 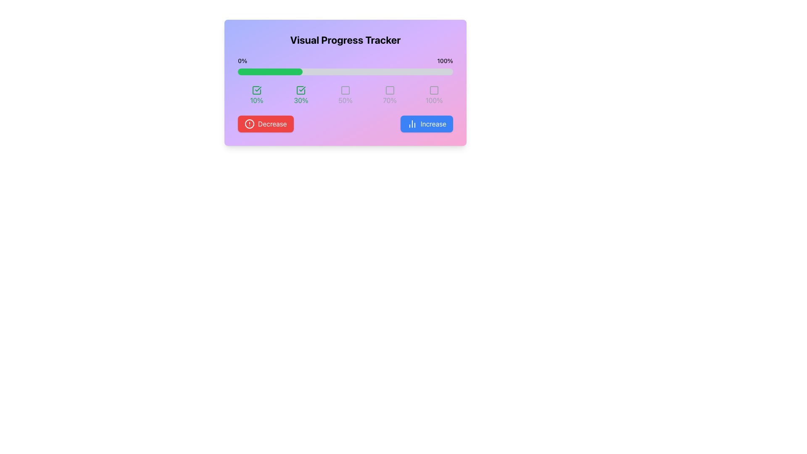 What do you see at coordinates (256, 95) in the screenshot?
I see `percentage value displayed on the Progress Indicator, which shows '10%' with a green checkmark icon above it` at bounding box center [256, 95].